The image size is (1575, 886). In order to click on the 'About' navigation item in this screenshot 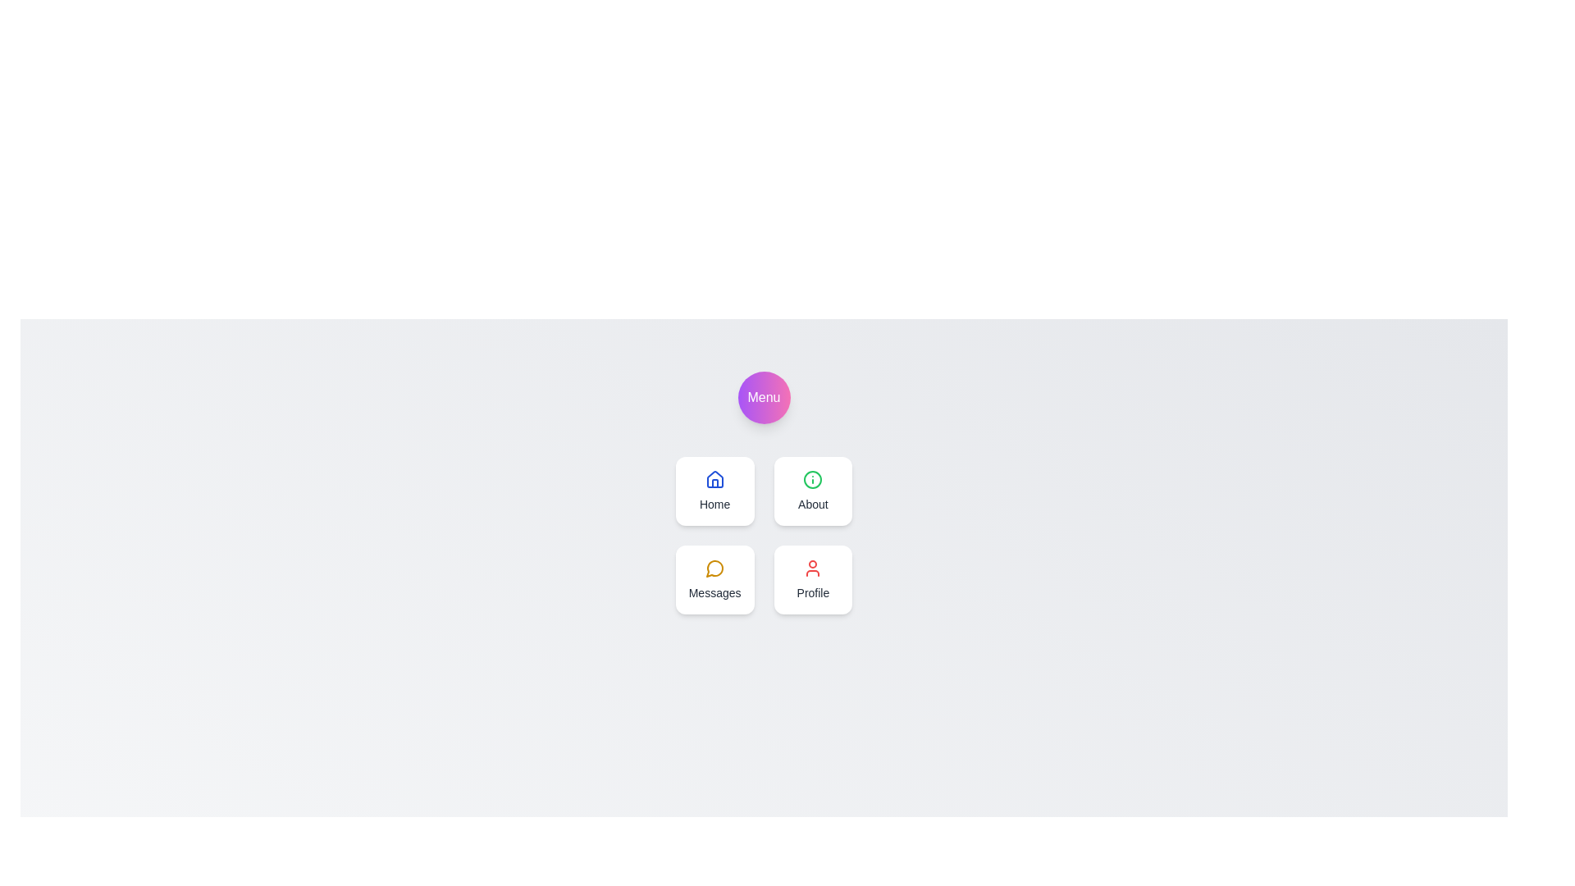, I will do `click(813, 490)`.